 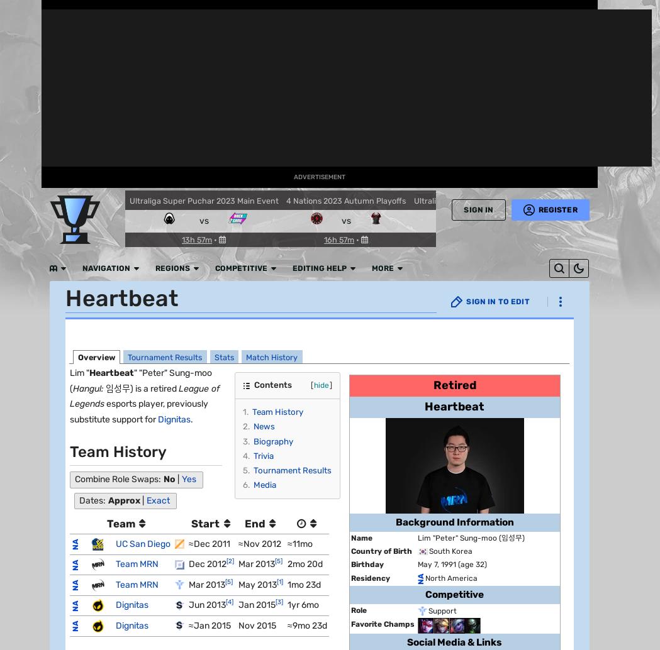 I want to click on 'TV', so click(x=20, y=314).